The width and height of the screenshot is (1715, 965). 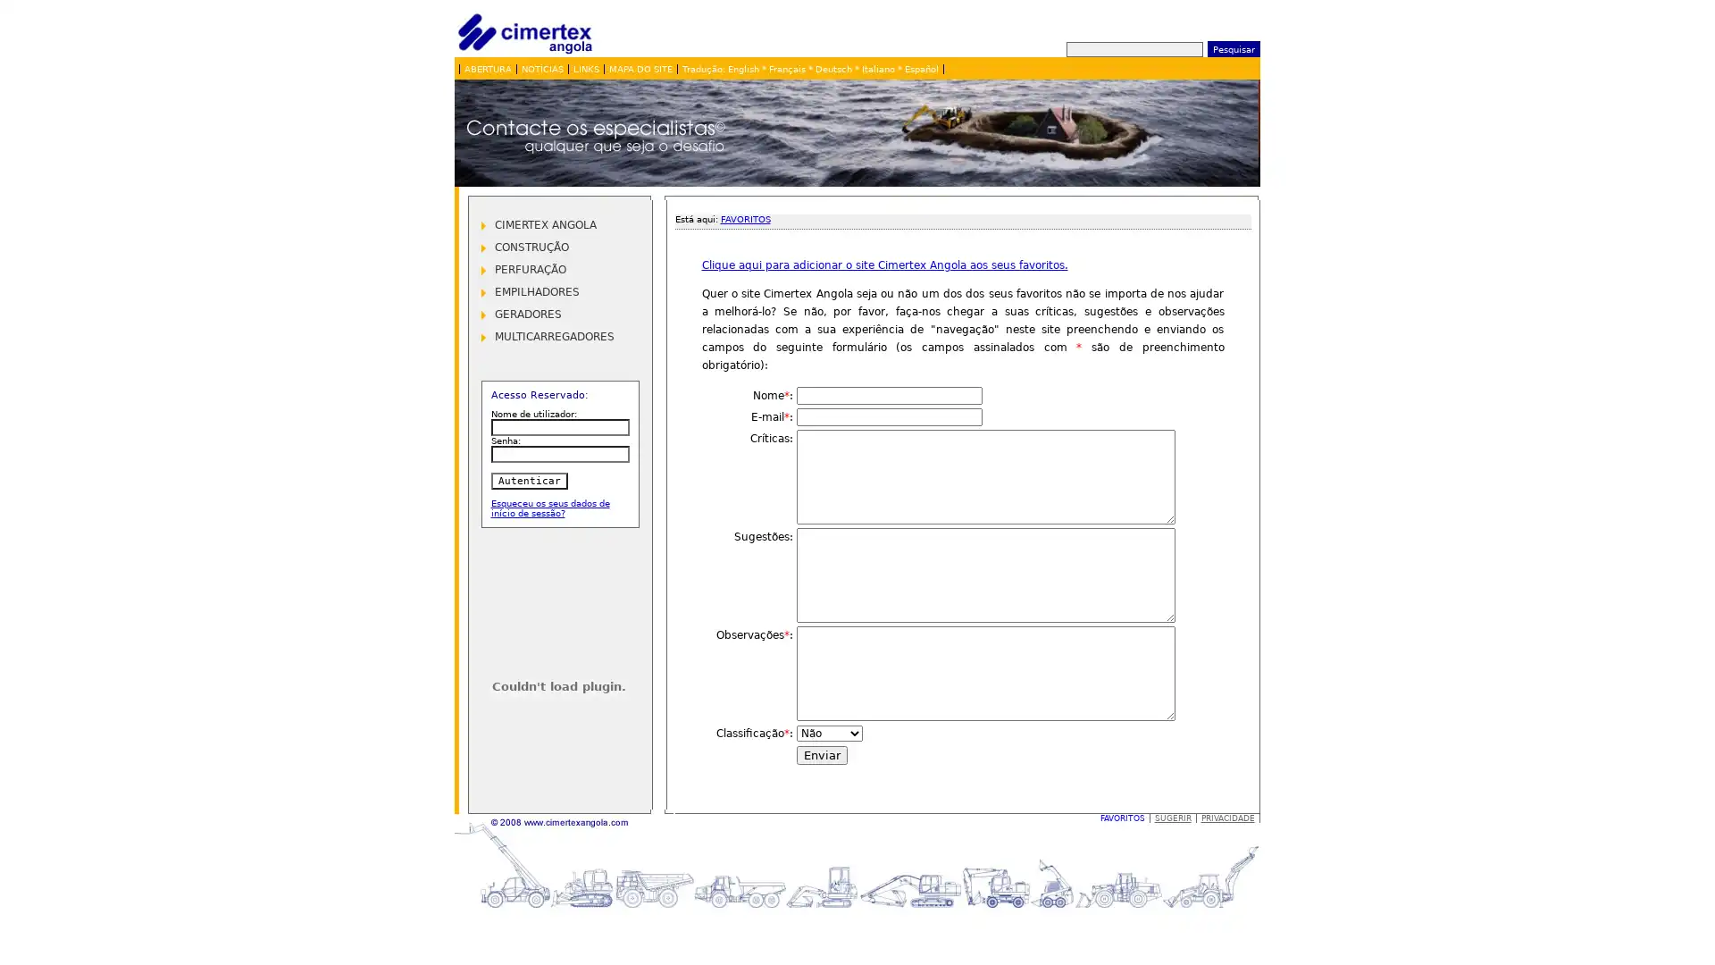 What do you see at coordinates (527, 480) in the screenshot?
I see `Autenticar` at bounding box center [527, 480].